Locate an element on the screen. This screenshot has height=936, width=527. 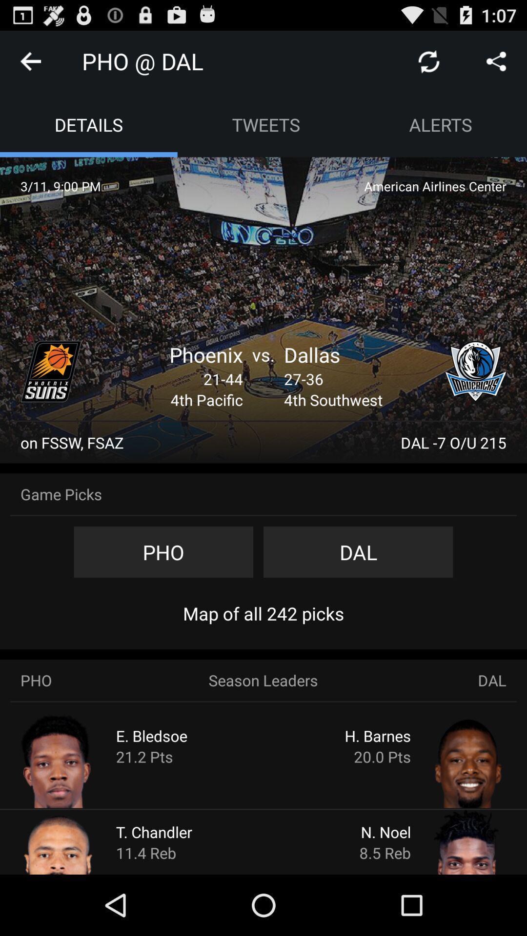
the share icon is located at coordinates (496, 65).